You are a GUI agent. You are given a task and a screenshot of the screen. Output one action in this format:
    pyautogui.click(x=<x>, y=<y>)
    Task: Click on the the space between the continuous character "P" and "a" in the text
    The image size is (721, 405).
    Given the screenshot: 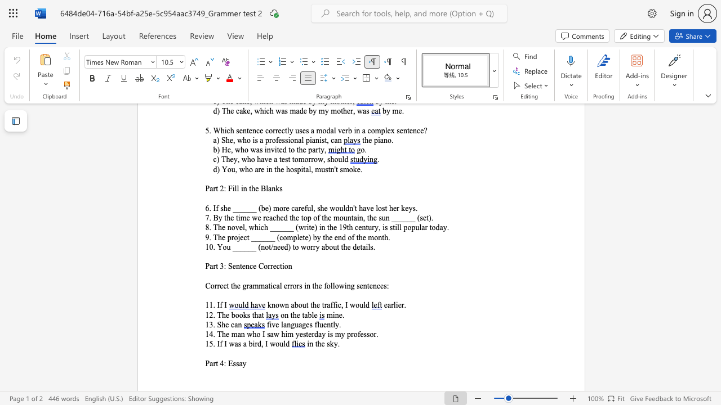 What is the action you would take?
    pyautogui.click(x=209, y=363)
    